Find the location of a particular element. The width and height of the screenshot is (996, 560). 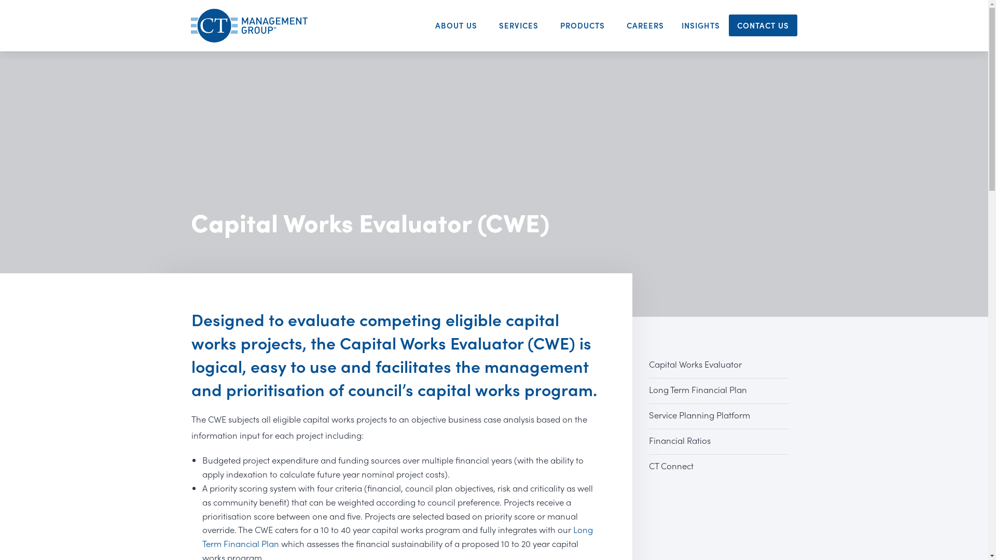

'CONTACT US' is located at coordinates (763, 25).